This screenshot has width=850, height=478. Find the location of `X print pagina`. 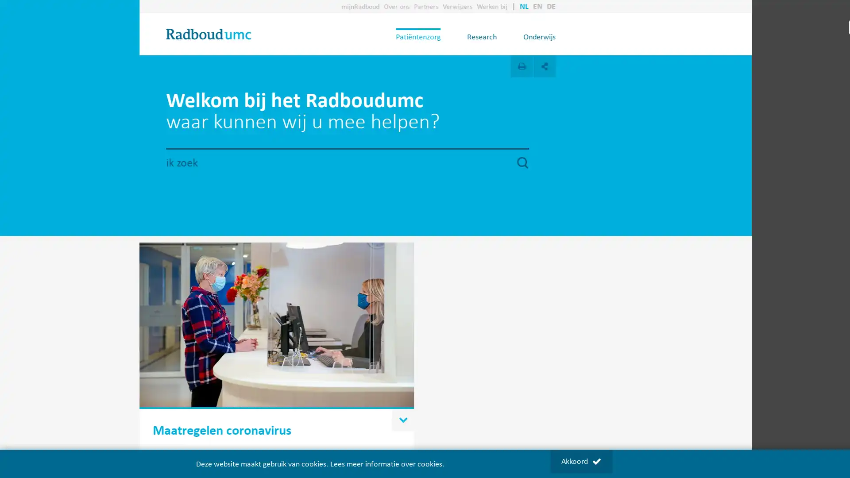

X print pagina is located at coordinates (578, 66).